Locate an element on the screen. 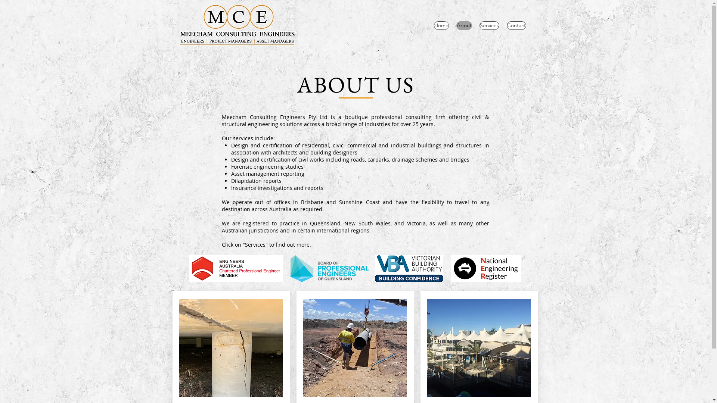 The width and height of the screenshot is (717, 403). 'About' is located at coordinates (464, 25).